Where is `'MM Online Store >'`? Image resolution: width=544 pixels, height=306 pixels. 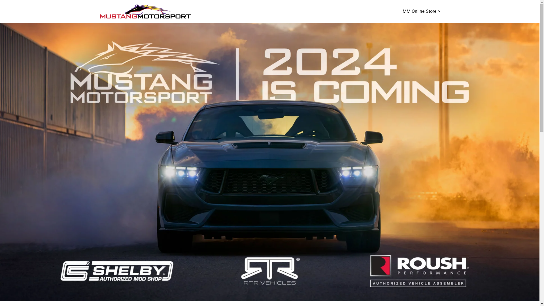
'MM Online Store >' is located at coordinates (421, 11).